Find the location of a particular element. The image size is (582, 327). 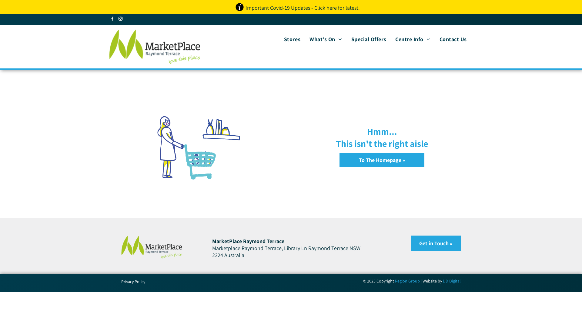

'Click here for latest' is located at coordinates (314, 8).